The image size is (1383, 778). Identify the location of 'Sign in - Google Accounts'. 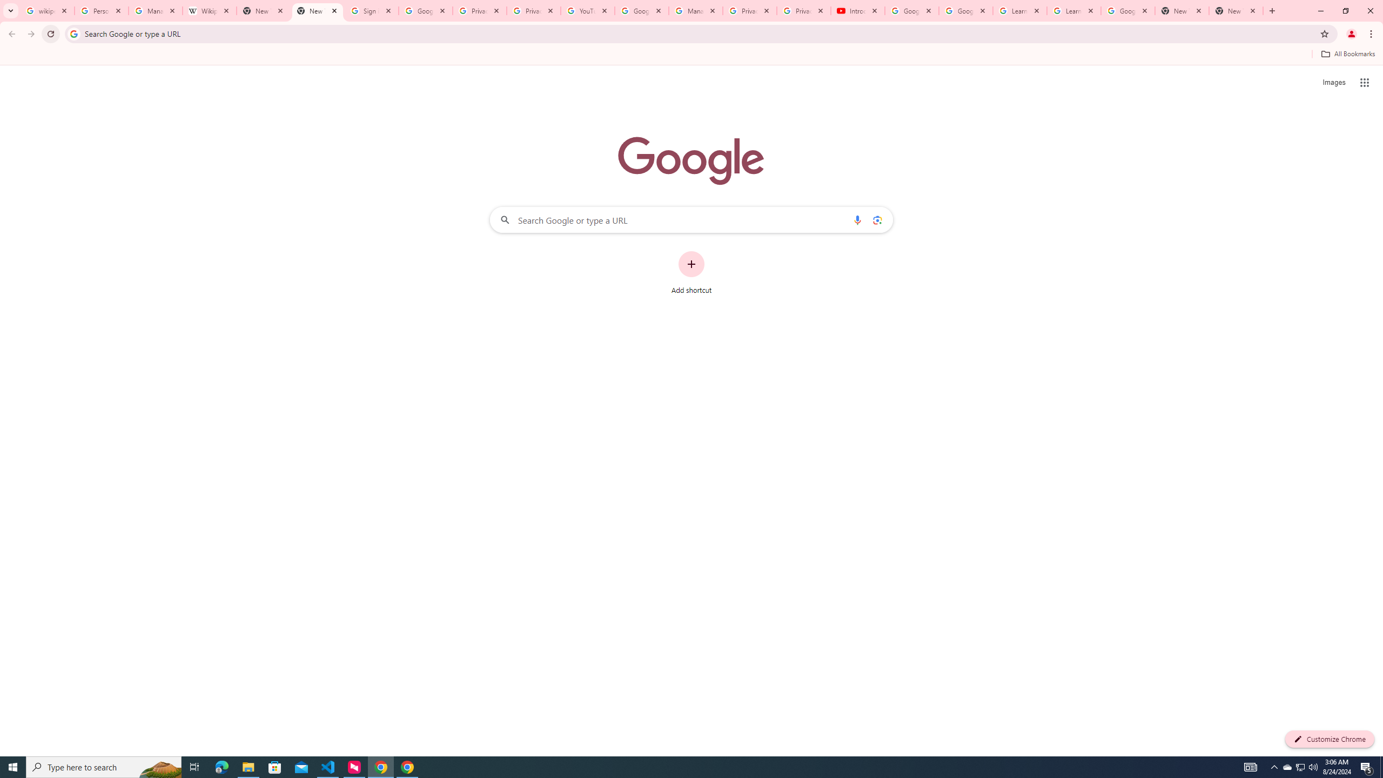
(372, 10).